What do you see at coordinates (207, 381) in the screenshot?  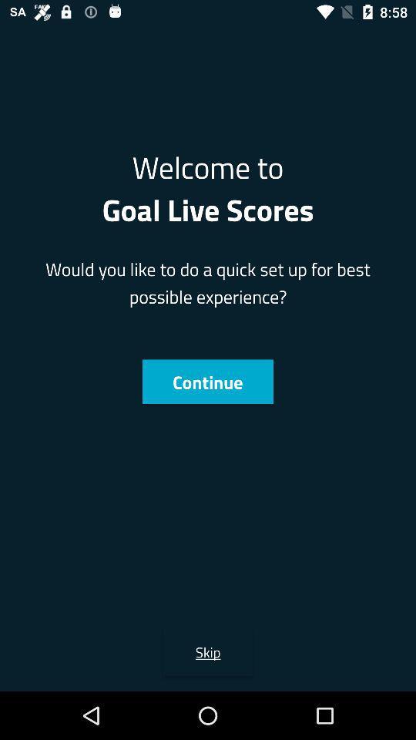 I see `the item below would you like` at bounding box center [207, 381].